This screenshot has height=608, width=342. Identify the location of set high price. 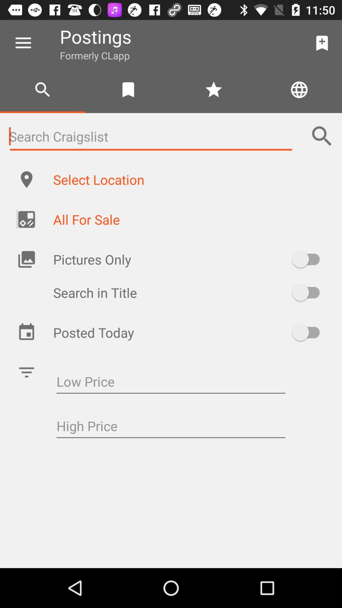
(171, 427).